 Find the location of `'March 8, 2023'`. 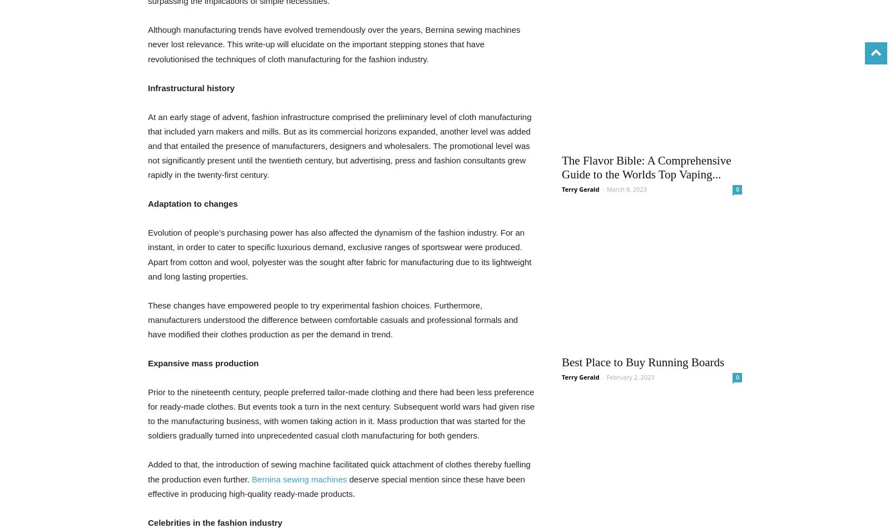

'March 8, 2023' is located at coordinates (626, 188).